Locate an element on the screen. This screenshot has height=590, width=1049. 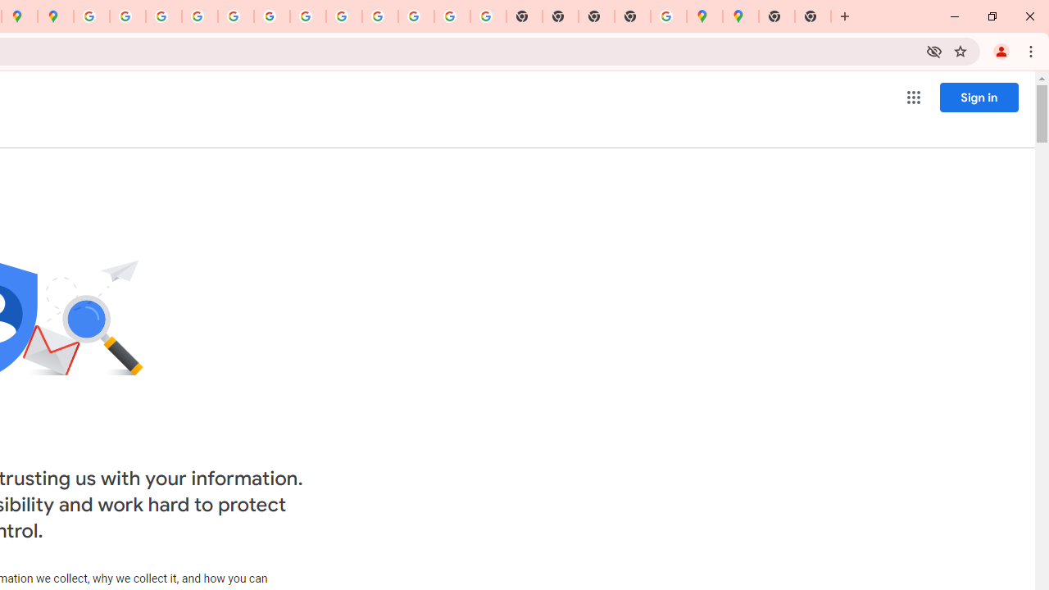
'New Tab' is located at coordinates (631, 16).